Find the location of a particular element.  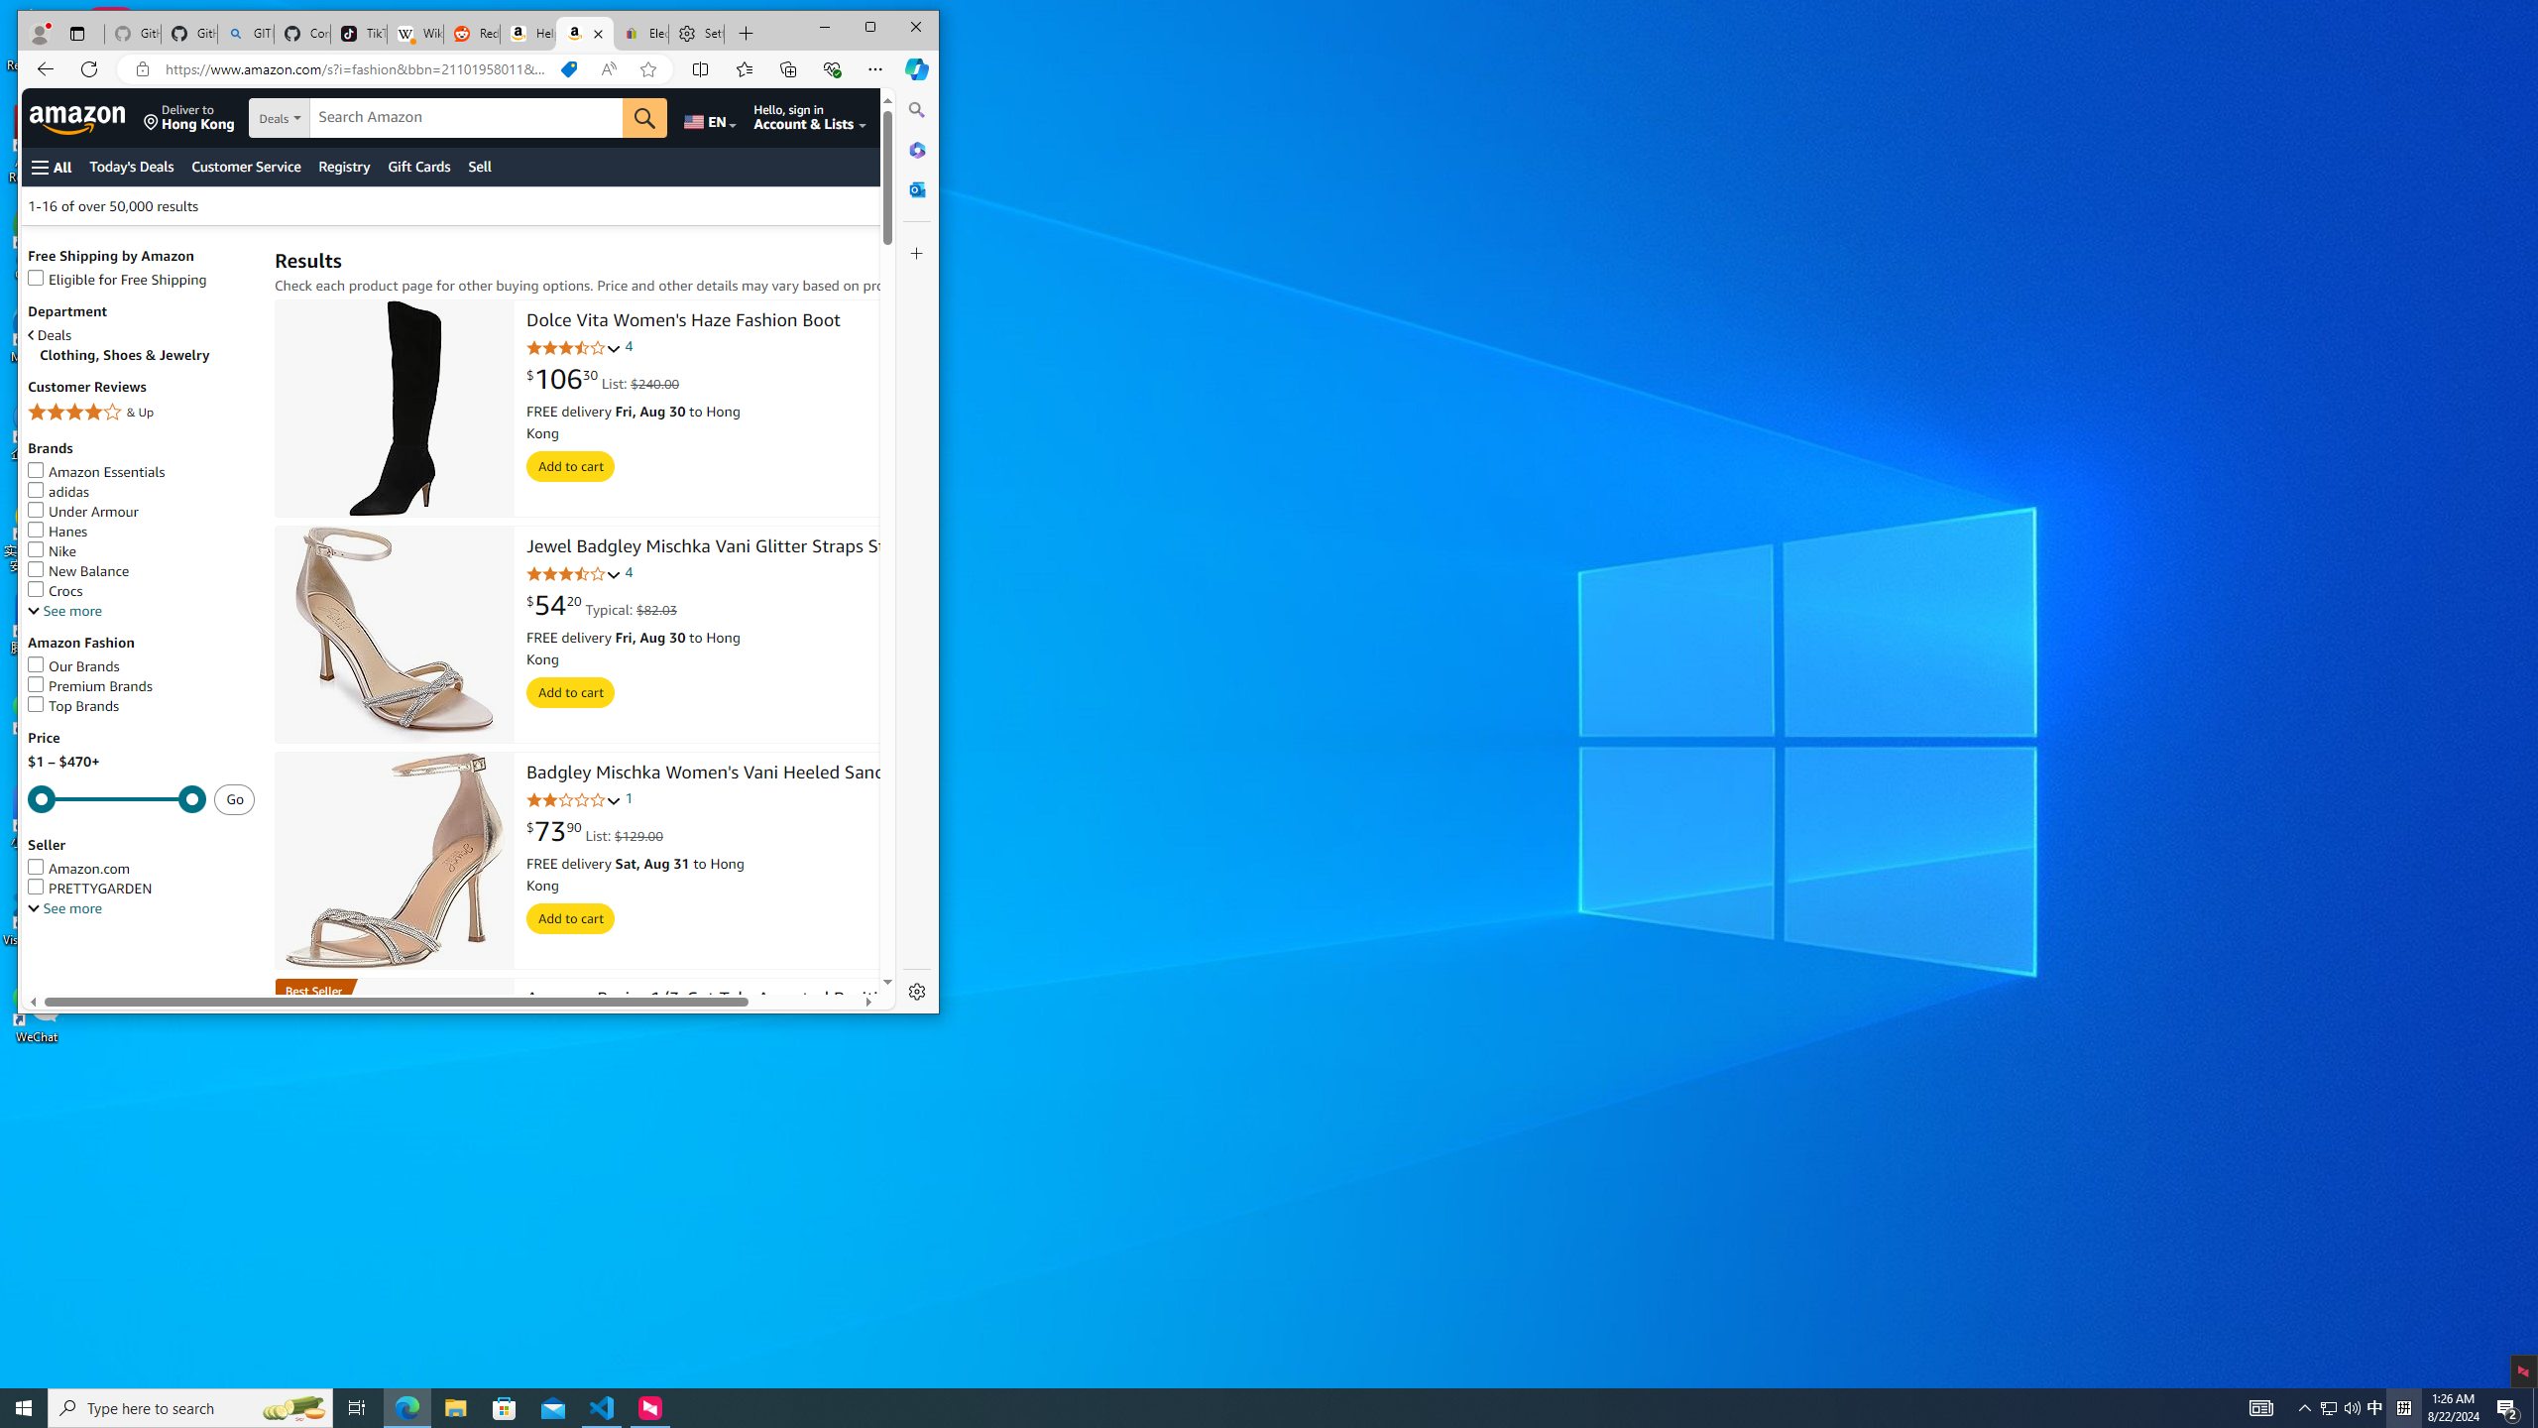

'Our Brands' is located at coordinates (72, 665).